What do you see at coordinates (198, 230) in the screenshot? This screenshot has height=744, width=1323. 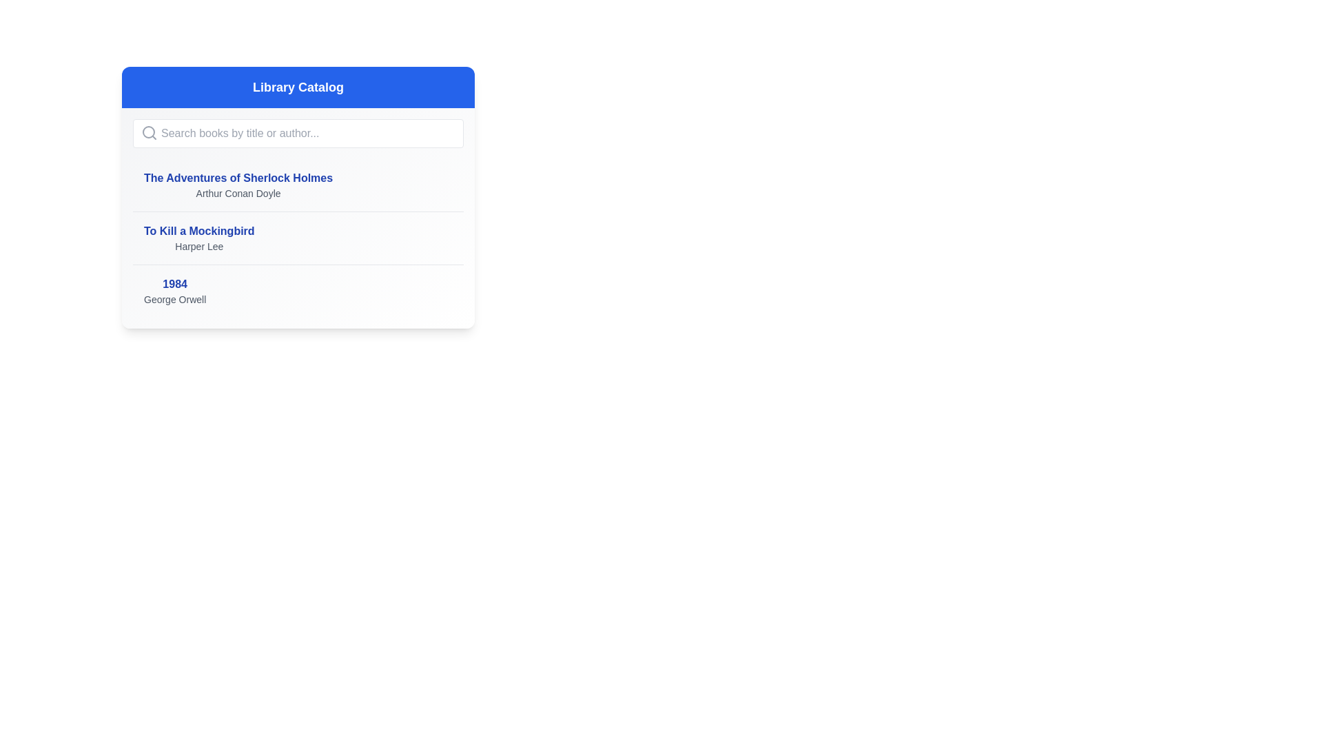 I see `text label displaying the book title 'To Kill a Mockingbird' located centrally in the library catalog interface, positioned between 'The Adventures of Sherlock Holmes' and 'Harper Lee'` at bounding box center [198, 230].